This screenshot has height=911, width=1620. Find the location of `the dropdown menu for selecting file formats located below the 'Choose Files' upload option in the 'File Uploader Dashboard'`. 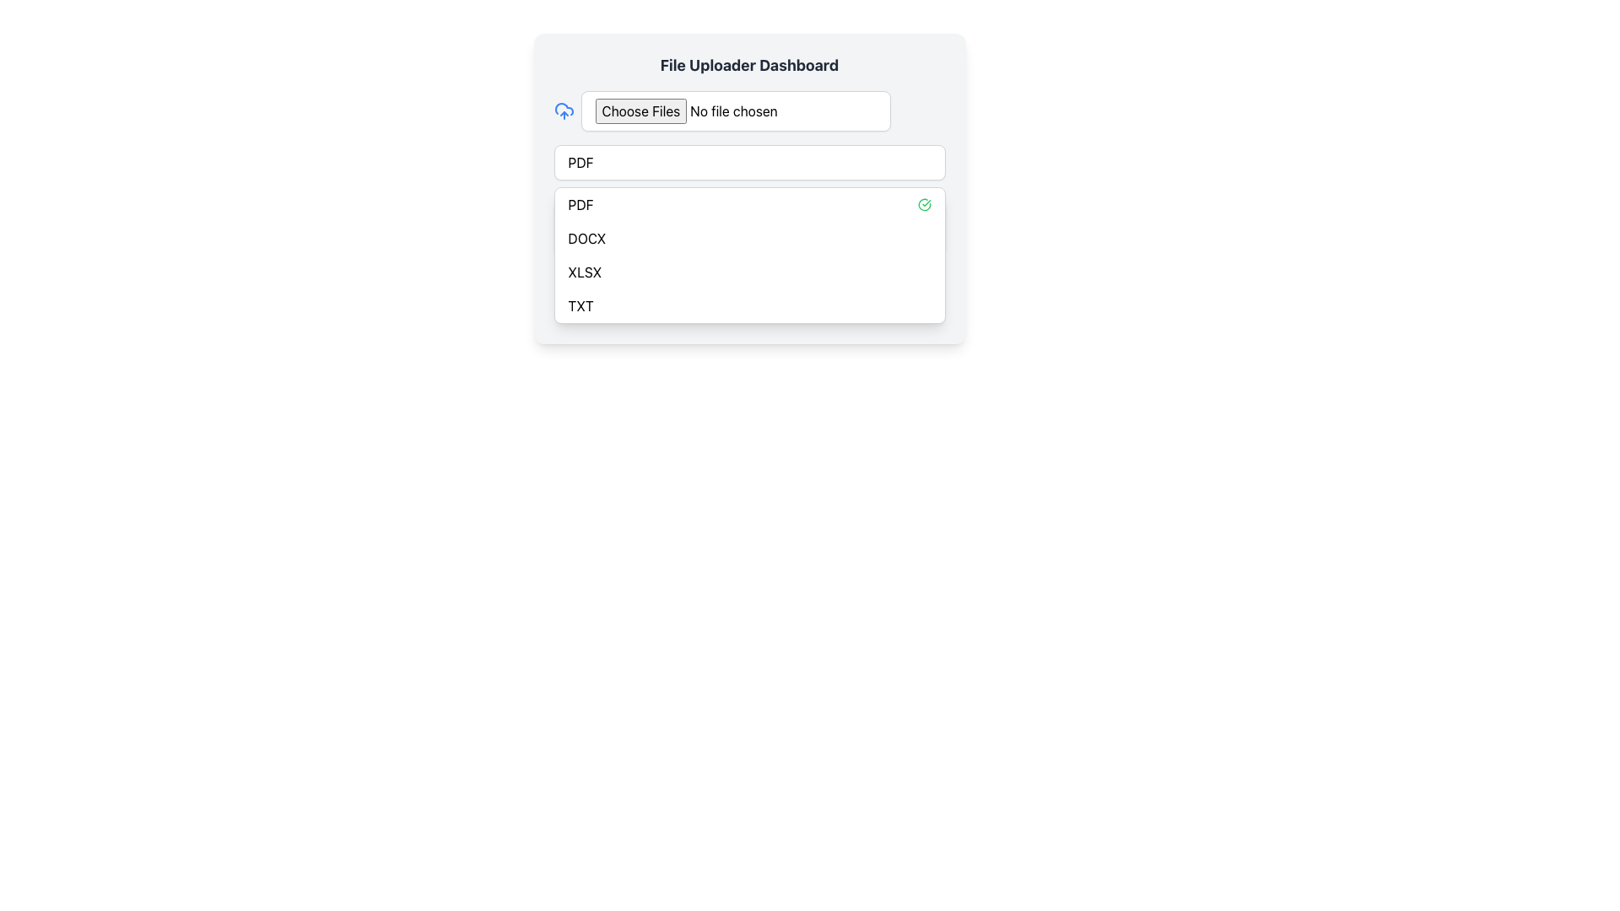

the dropdown menu for selecting file formats located below the 'Choose Files' upload option in the 'File Uploader Dashboard' is located at coordinates (748, 162).